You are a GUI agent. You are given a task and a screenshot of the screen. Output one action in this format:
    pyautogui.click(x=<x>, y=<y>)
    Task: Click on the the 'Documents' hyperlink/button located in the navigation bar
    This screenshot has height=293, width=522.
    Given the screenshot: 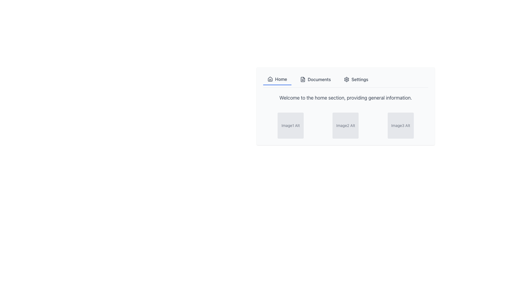 What is the action you would take?
    pyautogui.click(x=315, y=79)
    